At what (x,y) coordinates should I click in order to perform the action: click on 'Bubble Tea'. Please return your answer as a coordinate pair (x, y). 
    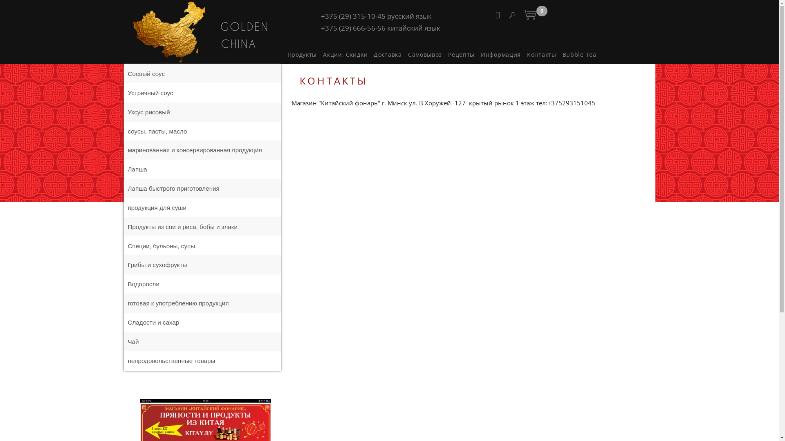
    Looking at the image, I should click on (579, 55).